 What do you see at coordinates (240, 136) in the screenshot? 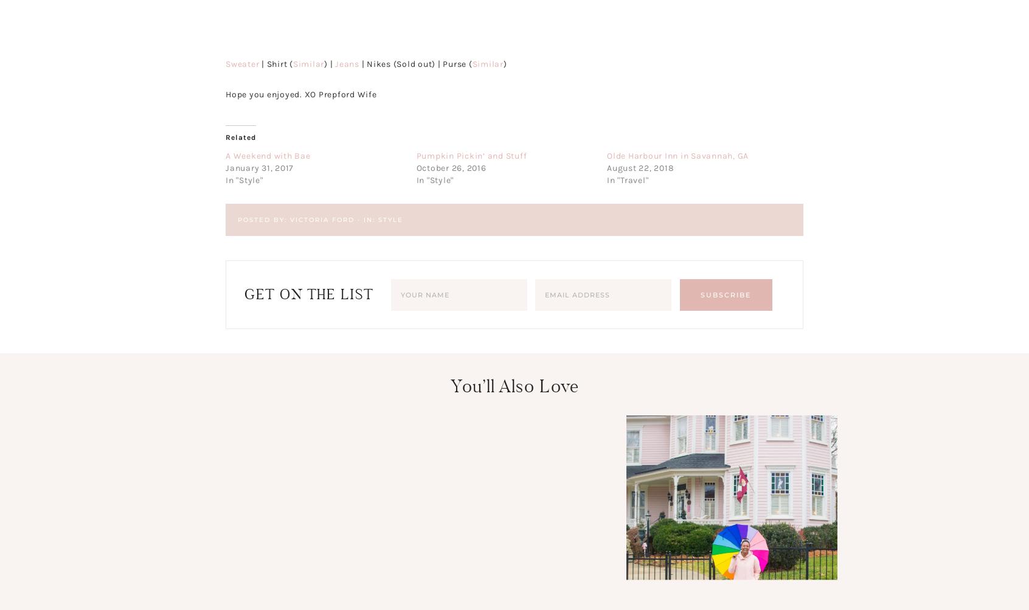
I see `'Related'` at bounding box center [240, 136].